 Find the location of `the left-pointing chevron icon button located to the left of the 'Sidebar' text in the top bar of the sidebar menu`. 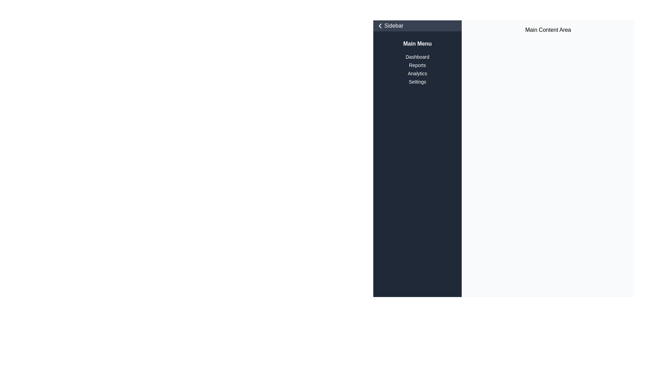

the left-pointing chevron icon button located to the left of the 'Sidebar' text in the top bar of the sidebar menu is located at coordinates (379, 25).